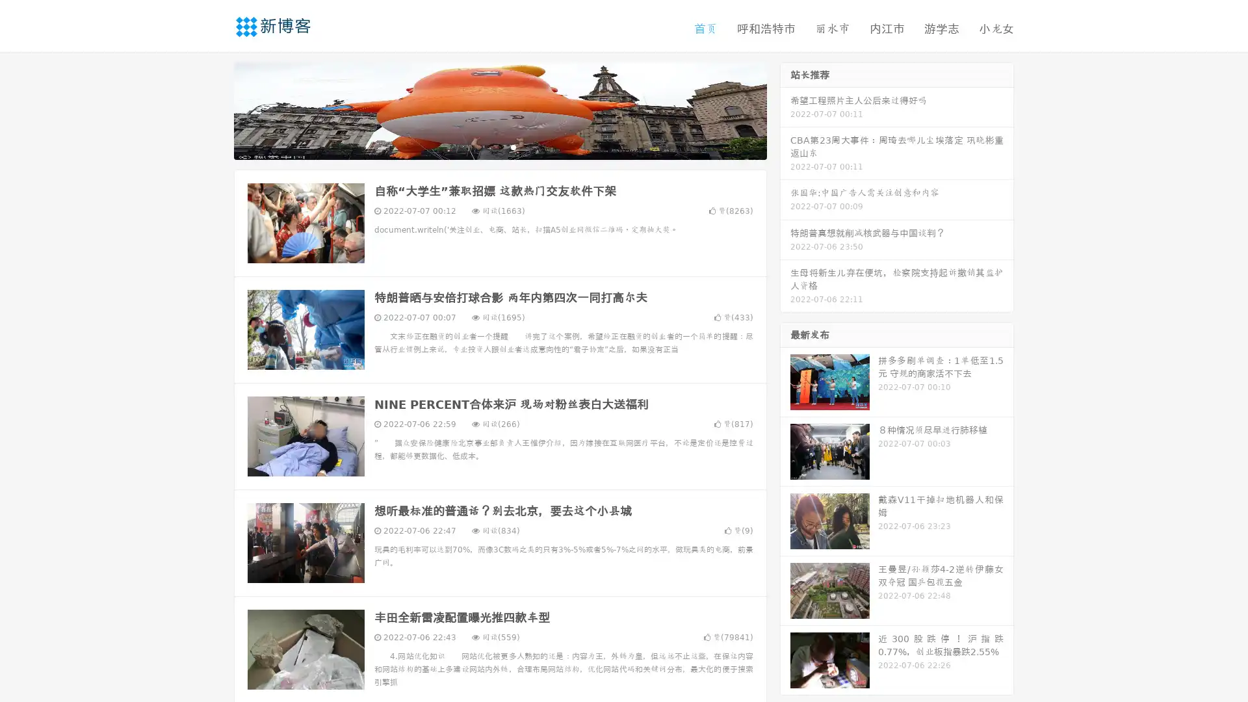 The height and width of the screenshot is (702, 1248). I want to click on Go to slide 3, so click(513, 146).